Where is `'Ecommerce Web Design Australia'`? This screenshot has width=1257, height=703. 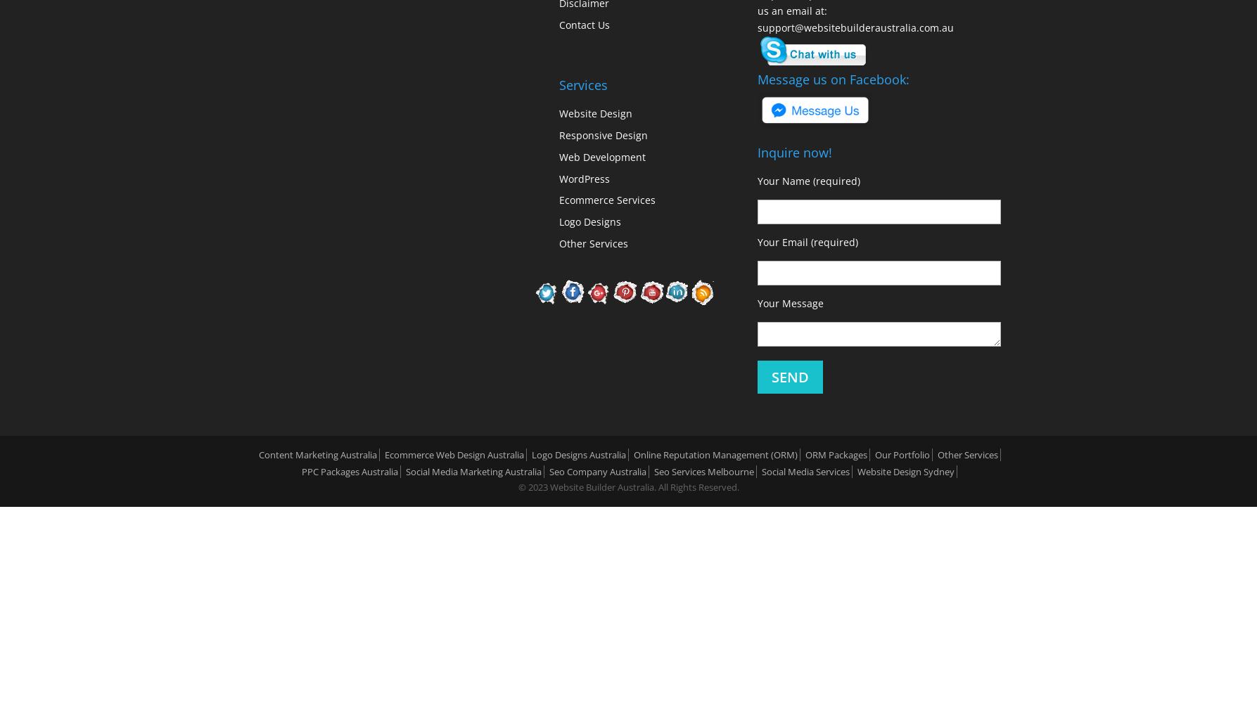 'Ecommerce Web Design Australia' is located at coordinates (452, 454).